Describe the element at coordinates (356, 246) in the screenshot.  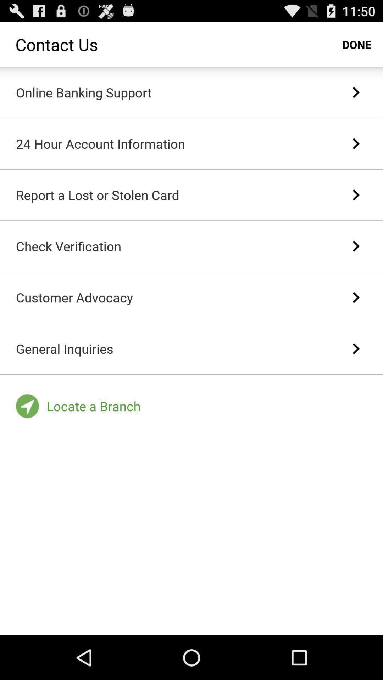
I see `the icon next to the check verification` at that location.